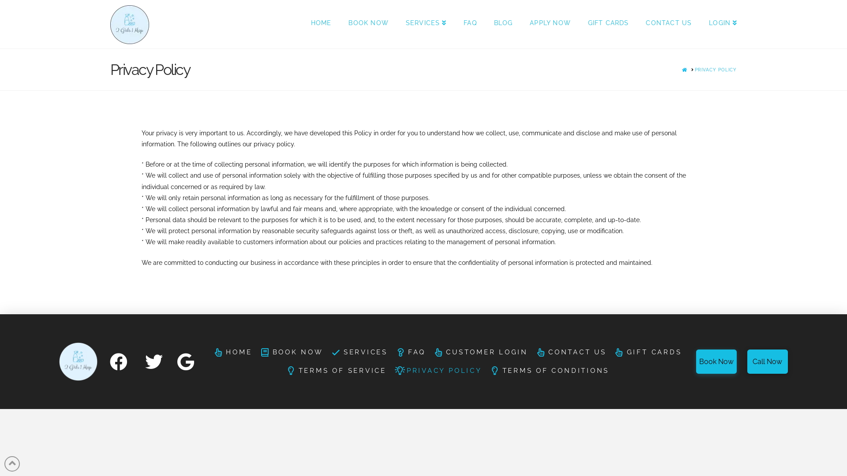 Image resolution: width=847 pixels, height=476 pixels. What do you see at coordinates (503, 23) in the screenshot?
I see `'BLOG'` at bounding box center [503, 23].